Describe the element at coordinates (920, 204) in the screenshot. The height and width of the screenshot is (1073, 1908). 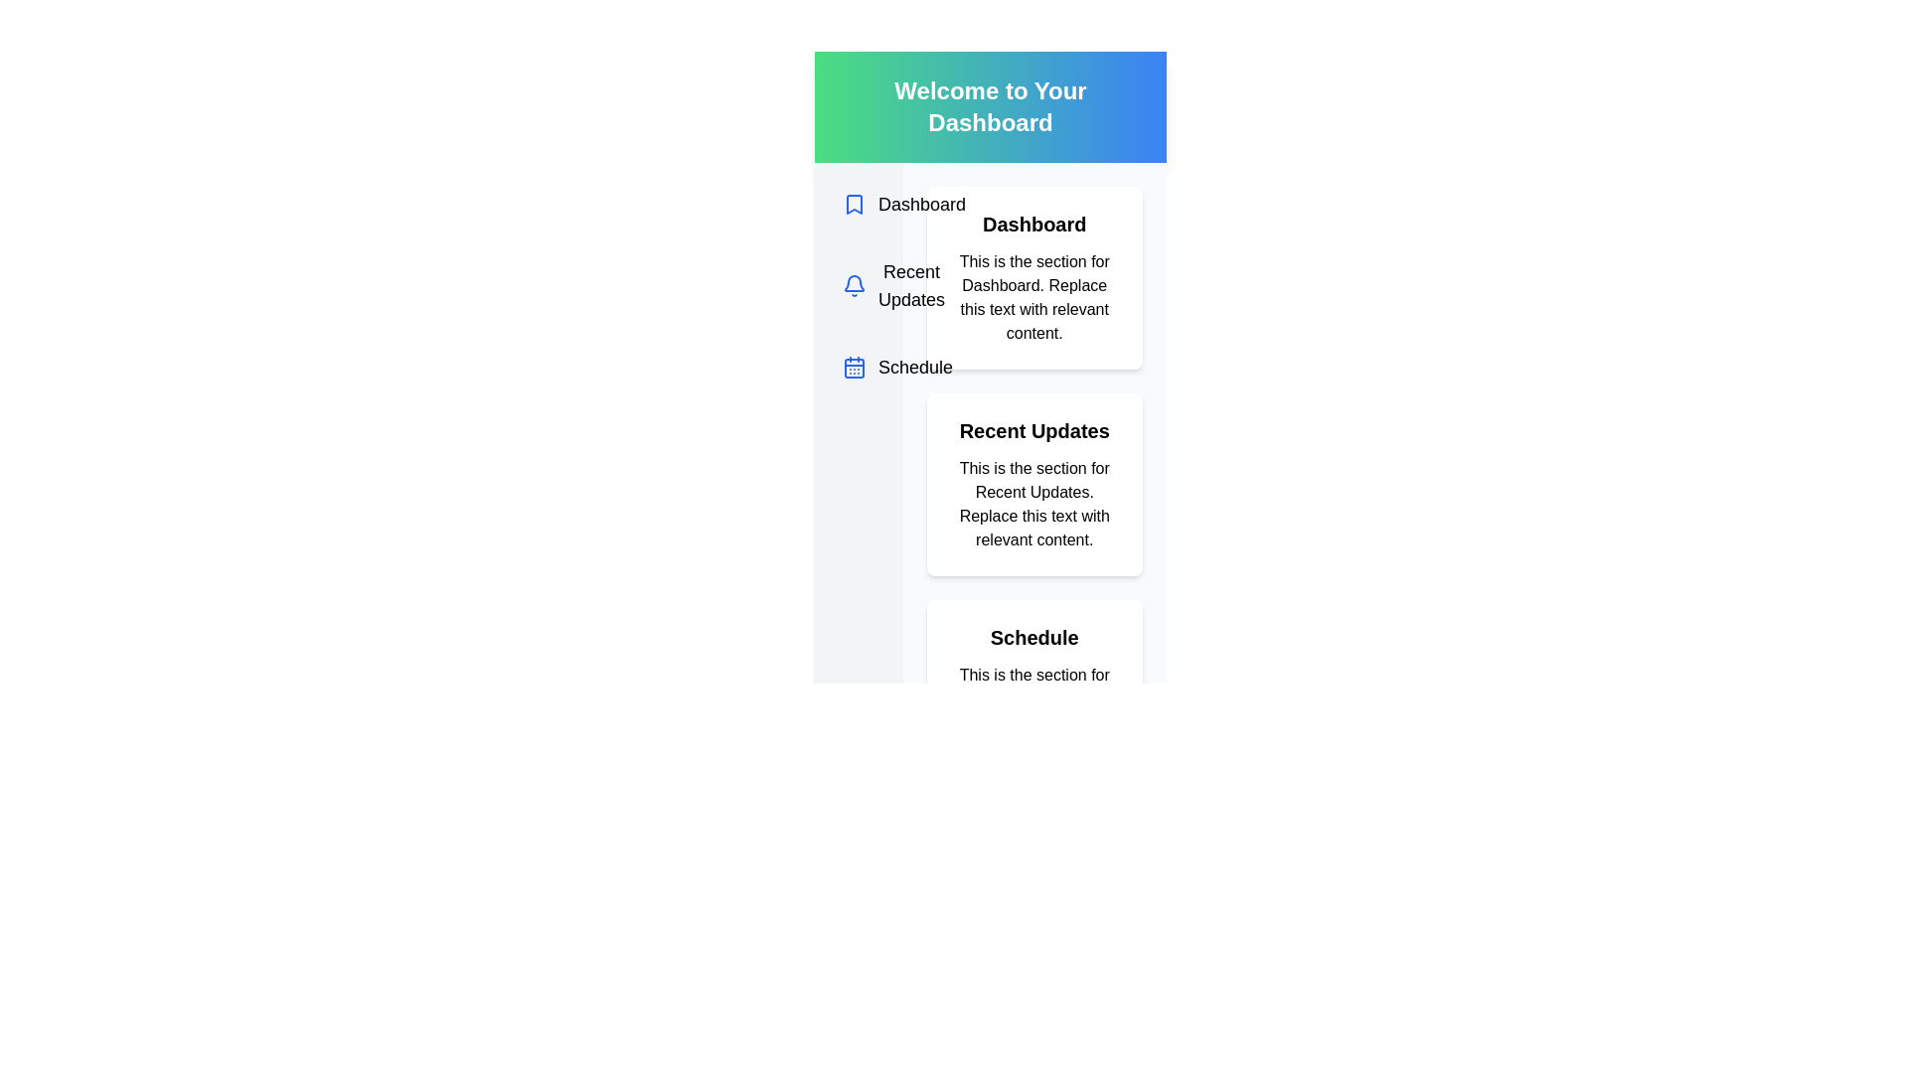
I see `the 'Dashboard' text label, which is the first item in the navigation list on the left side of the interface, positioned below the 'Welcome to Your Dashboard' banner and next to a bookmark icon` at that location.